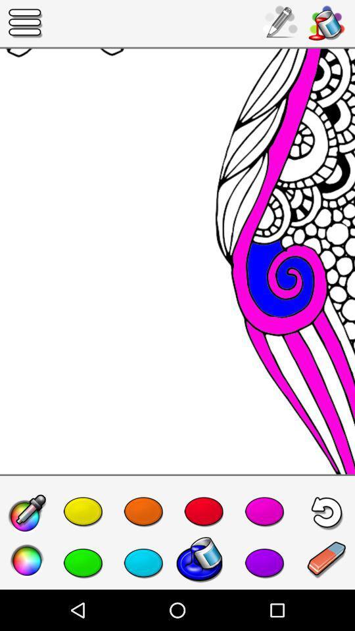  I want to click on the edit icon, so click(27, 514).